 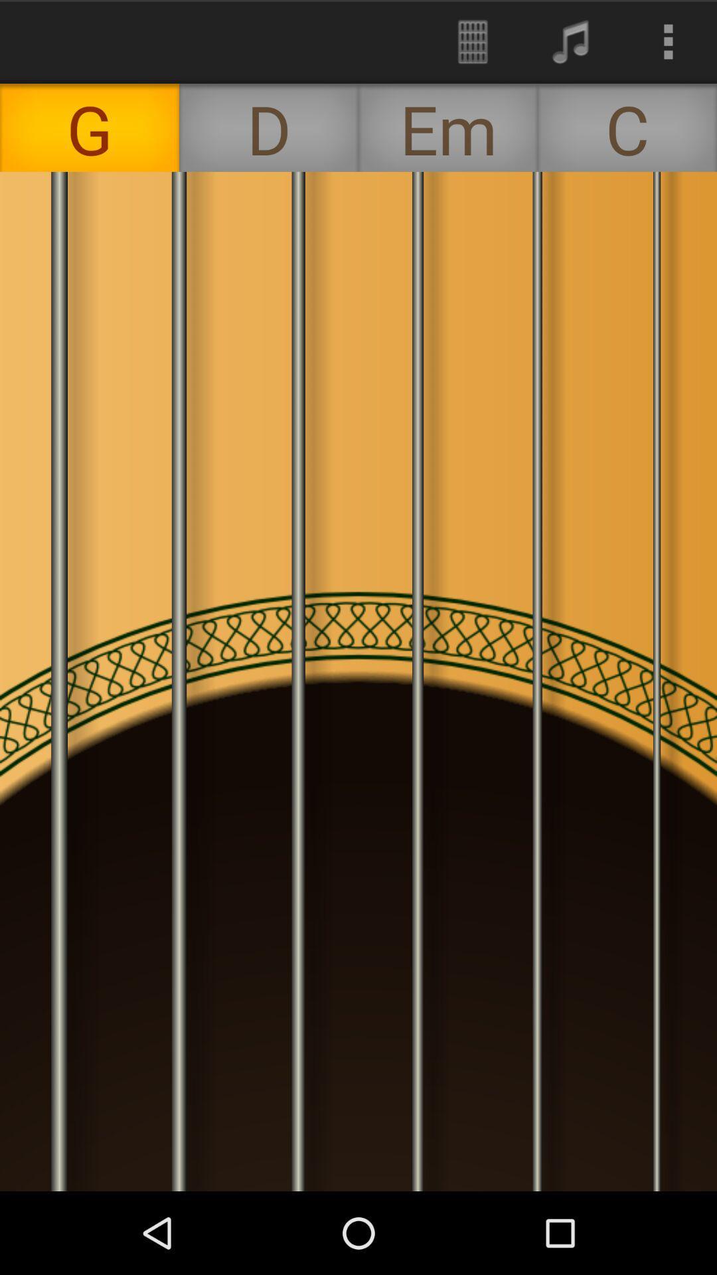 What do you see at coordinates (269, 127) in the screenshot?
I see `the item next to g item` at bounding box center [269, 127].